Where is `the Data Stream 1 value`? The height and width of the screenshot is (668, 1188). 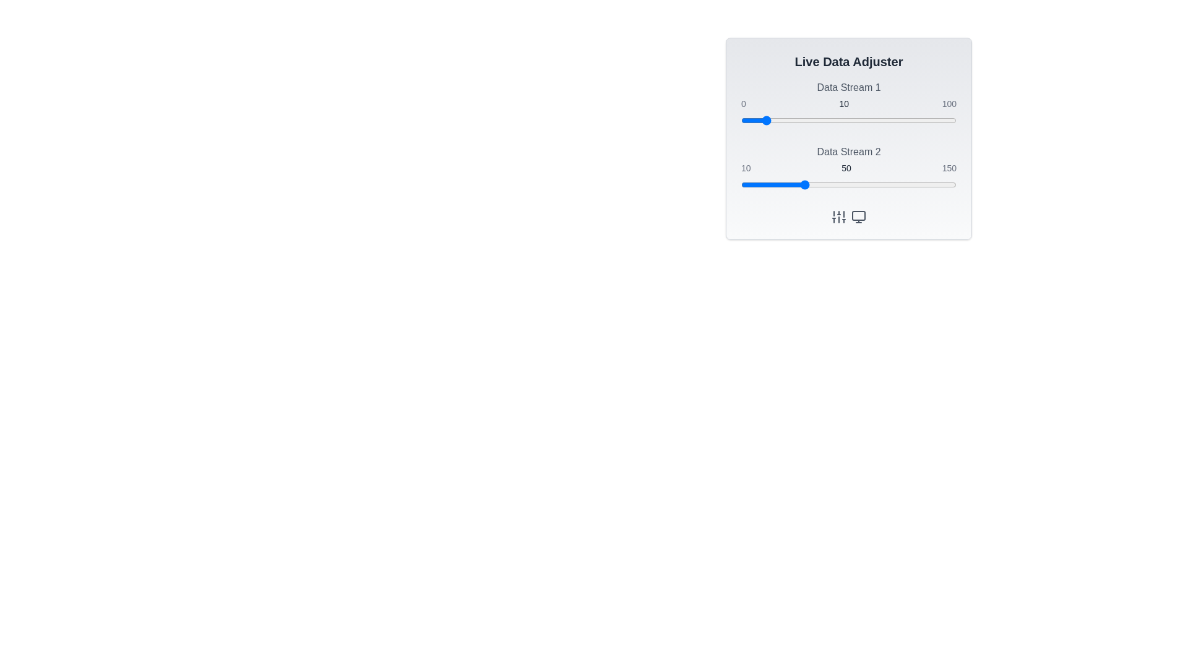
the Data Stream 1 value is located at coordinates (892, 121).